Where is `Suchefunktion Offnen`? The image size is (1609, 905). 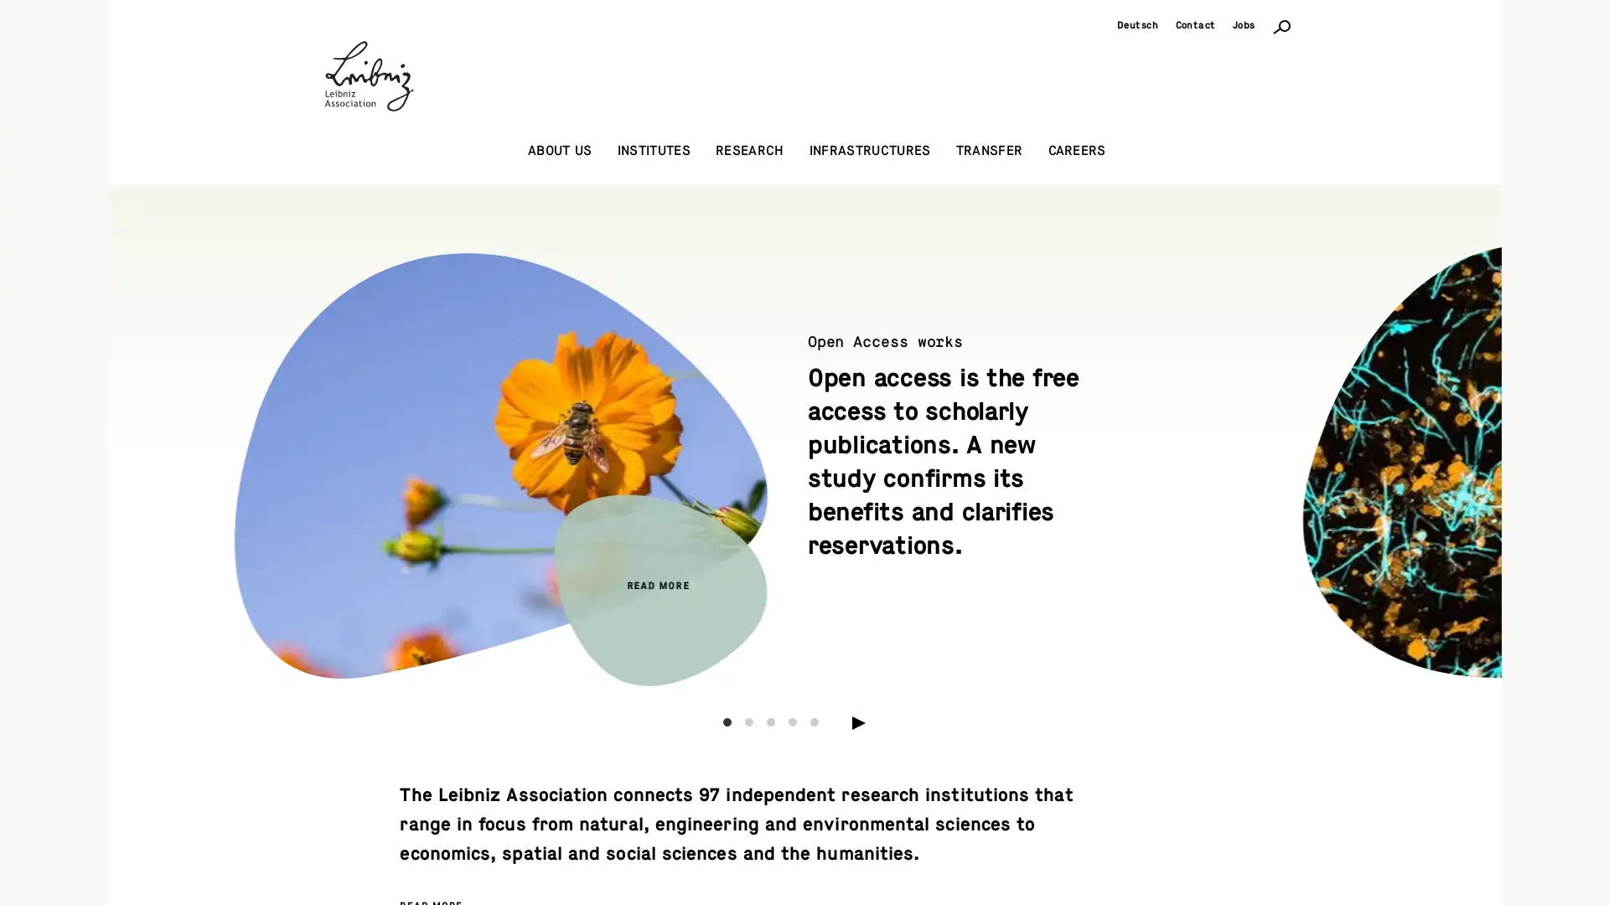
Suchefunktion Offnen is located at coordinates (1281, 25).